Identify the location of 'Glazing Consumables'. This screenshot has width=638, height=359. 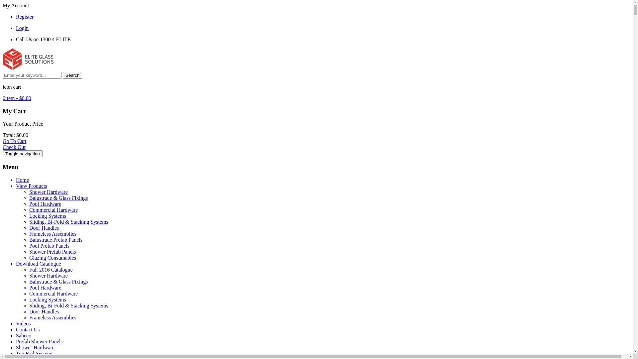
(52, 257).